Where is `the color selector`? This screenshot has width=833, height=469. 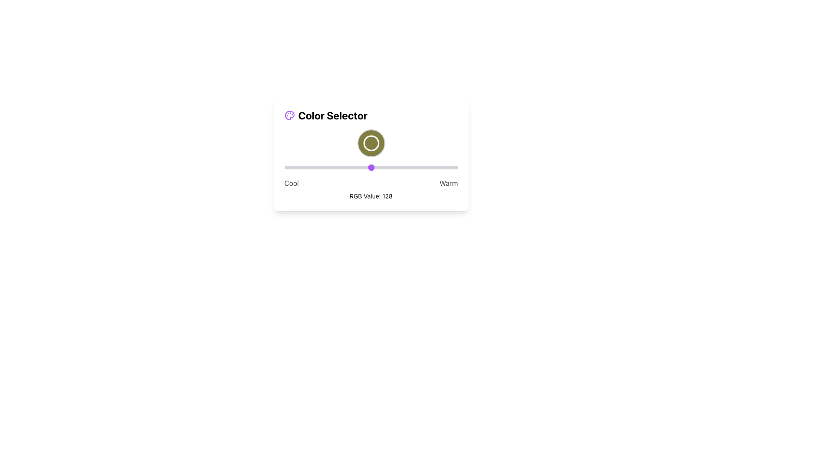 the color selector is located at coordinates (439, 167).